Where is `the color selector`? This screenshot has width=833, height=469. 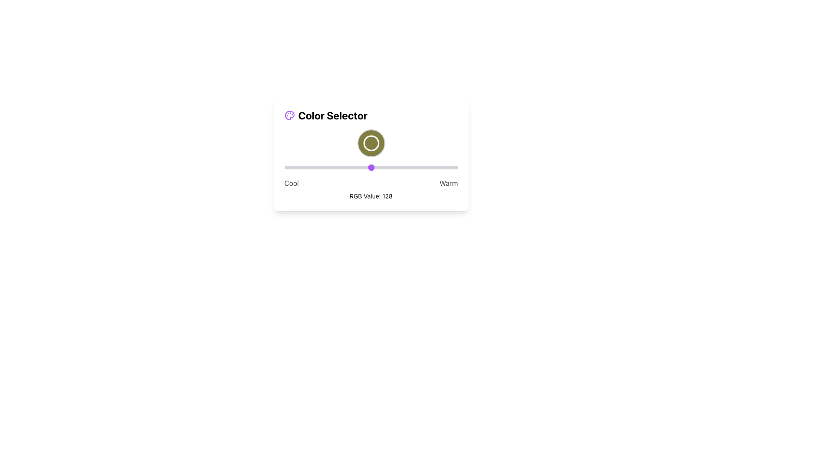 the color selector is located at coordinates (439, 167).